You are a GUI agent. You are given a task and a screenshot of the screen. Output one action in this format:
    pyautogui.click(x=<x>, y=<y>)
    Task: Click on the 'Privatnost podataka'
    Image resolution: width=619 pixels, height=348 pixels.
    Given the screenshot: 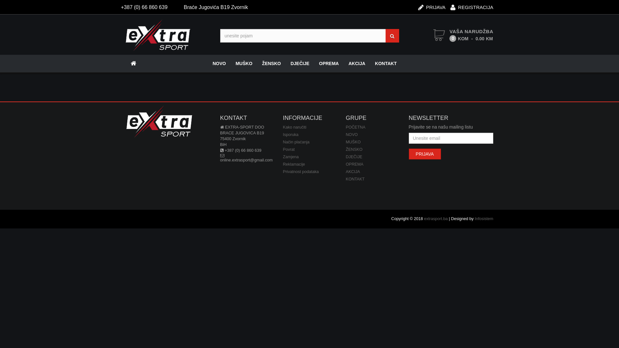 What is the action you would take?
    pyautogui.click(x=300, y=171)
    